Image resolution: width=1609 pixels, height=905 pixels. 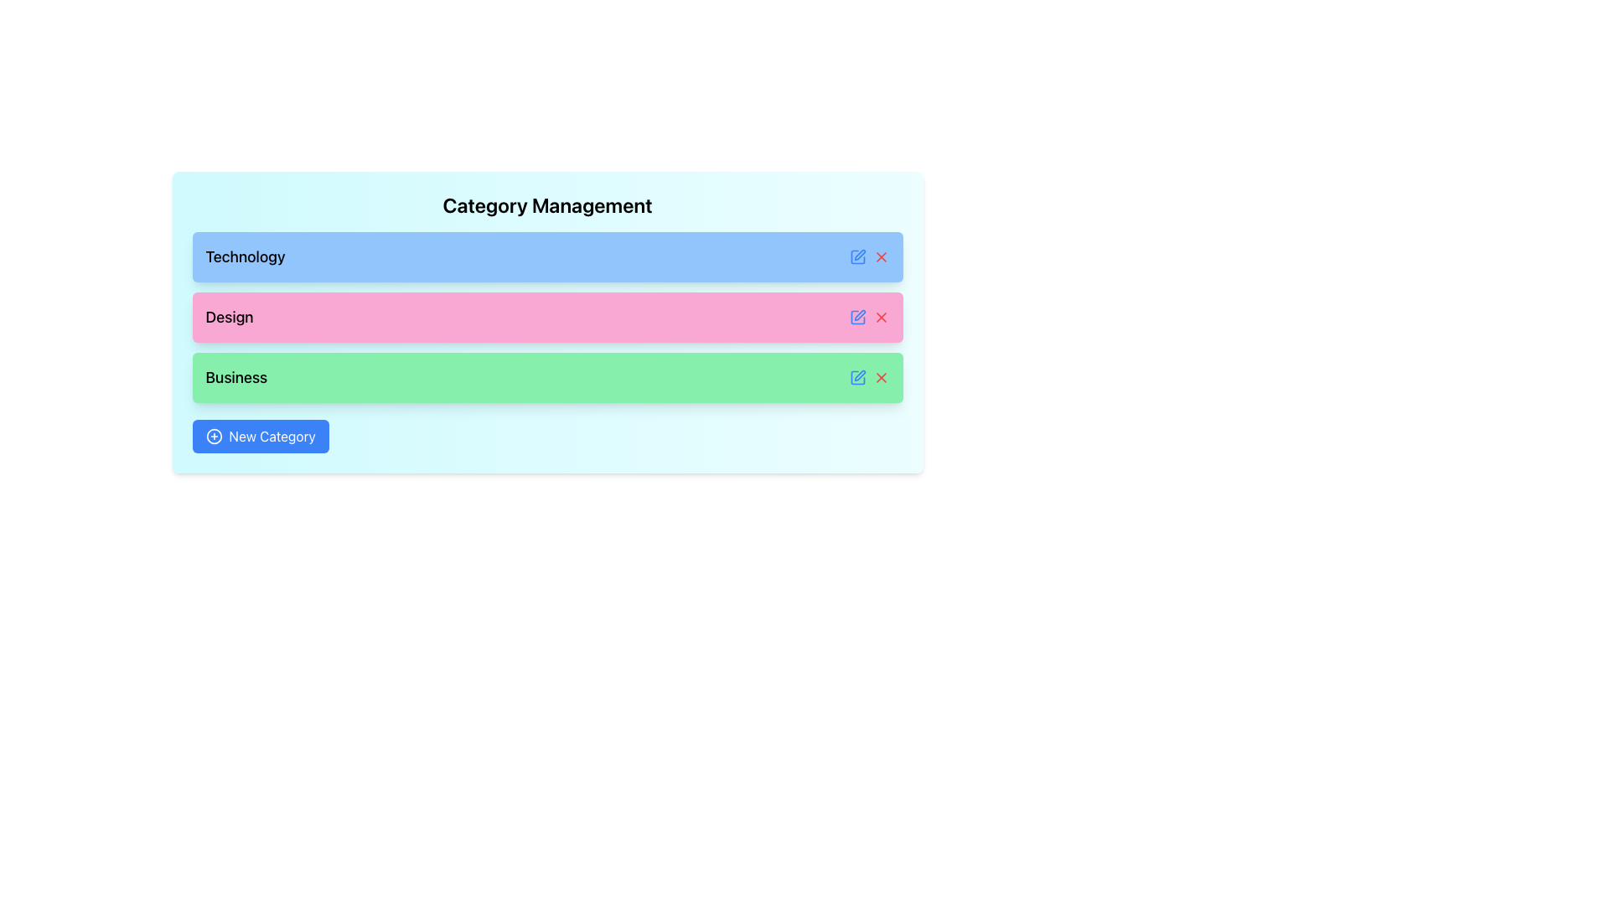 I want to click on the edit icon button located at the right side of the green bar labeled 'Business' to initiate editing, so click(x=857, y=378).